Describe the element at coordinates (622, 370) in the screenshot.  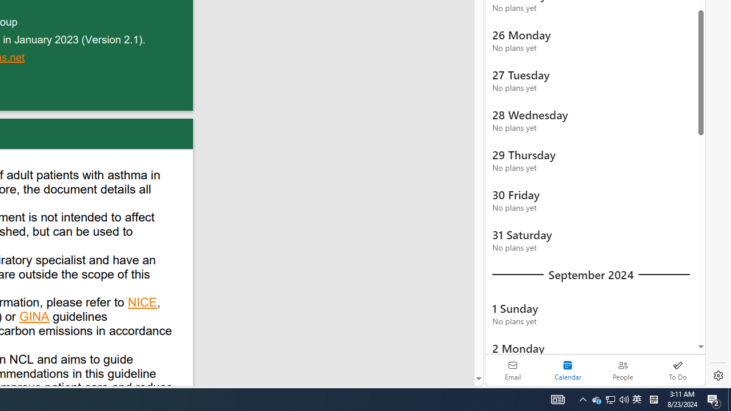
I see `'People'` at that location.